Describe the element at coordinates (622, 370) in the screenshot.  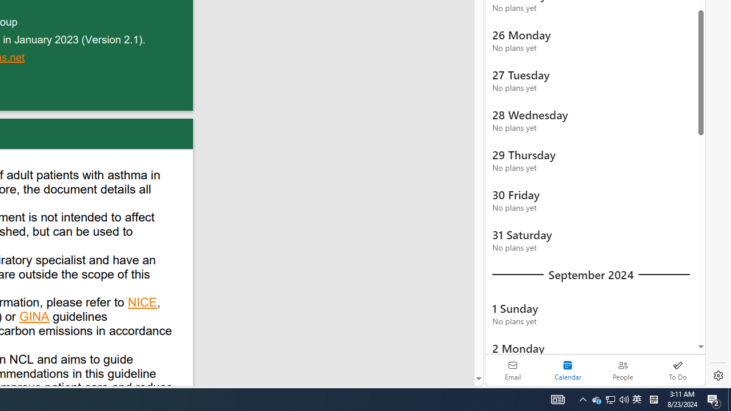
I see `'People'` at that location.